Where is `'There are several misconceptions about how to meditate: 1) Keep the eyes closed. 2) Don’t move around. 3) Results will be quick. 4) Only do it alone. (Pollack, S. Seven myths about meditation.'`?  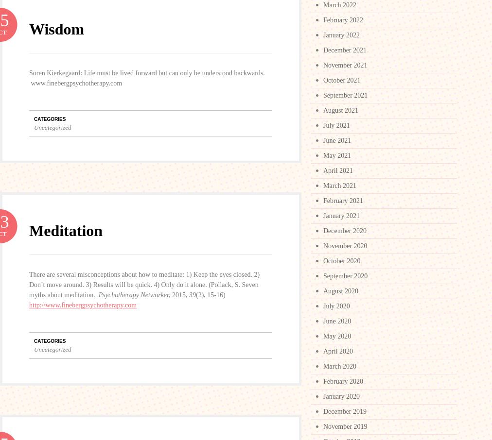 'There are several misconceptions about how to meditate: 1) Keep the eyes closed. 2) Don’t move around. 3) Results will be quick. 4) Only do it alone. (Pollack, S. Seven myths about meditation.' is located at coordinates (144, 284).